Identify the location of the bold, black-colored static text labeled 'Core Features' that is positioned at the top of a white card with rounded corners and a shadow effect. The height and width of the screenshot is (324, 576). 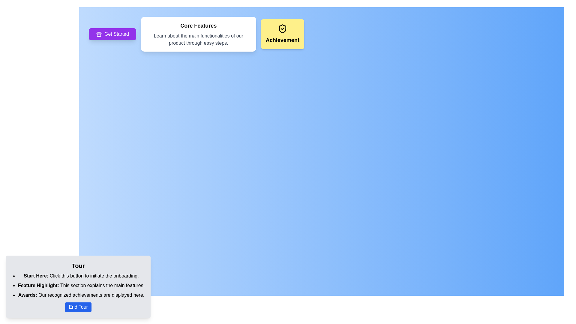
(198, 25).